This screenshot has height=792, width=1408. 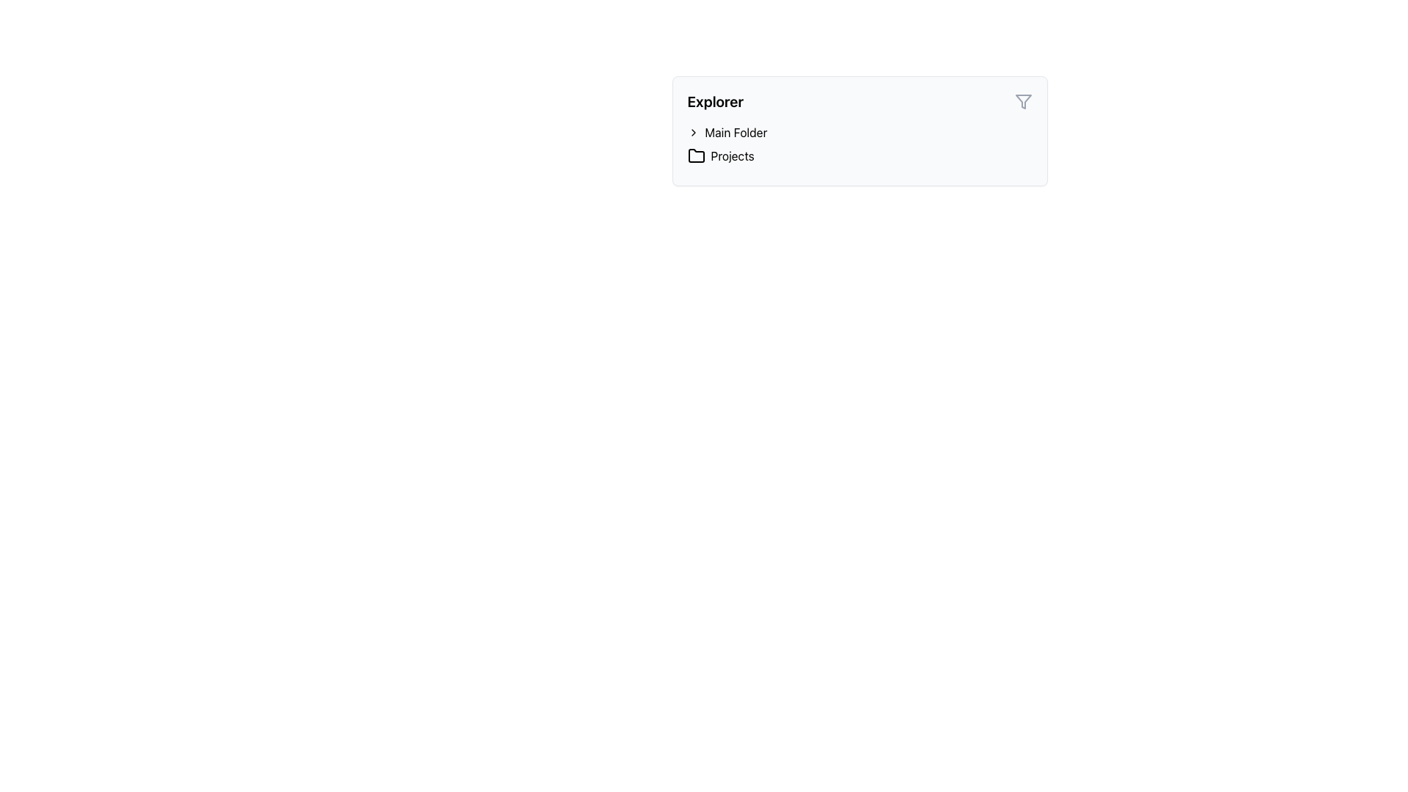 What do you see at coordinates (695, 155) in the screenshot?
I see `the folder icon located in the Explorer panel, which is aligned to the left side of the 'Projects' label` at bounding box center [695, 155].